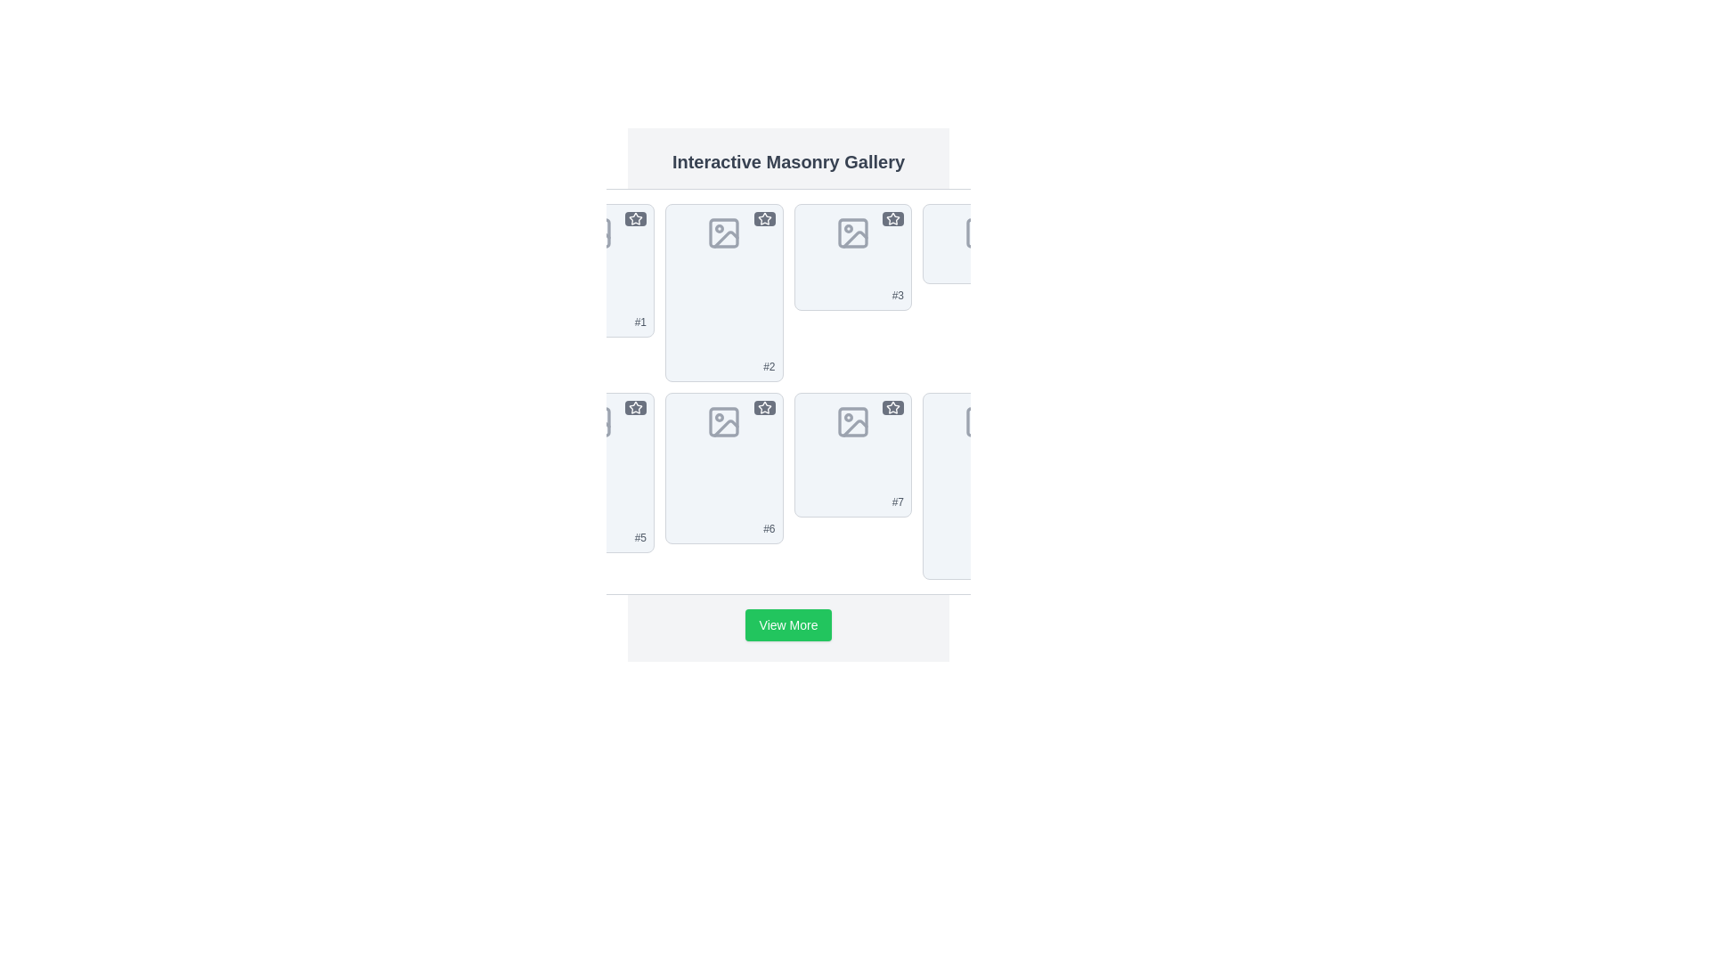 This screenshot has width=1710, height=962. What do you see at coordinates (595, 472) in the screenshot?
I see `the clickable card located in the second row of the masonry grid layout` at bounding box center [595, 472].